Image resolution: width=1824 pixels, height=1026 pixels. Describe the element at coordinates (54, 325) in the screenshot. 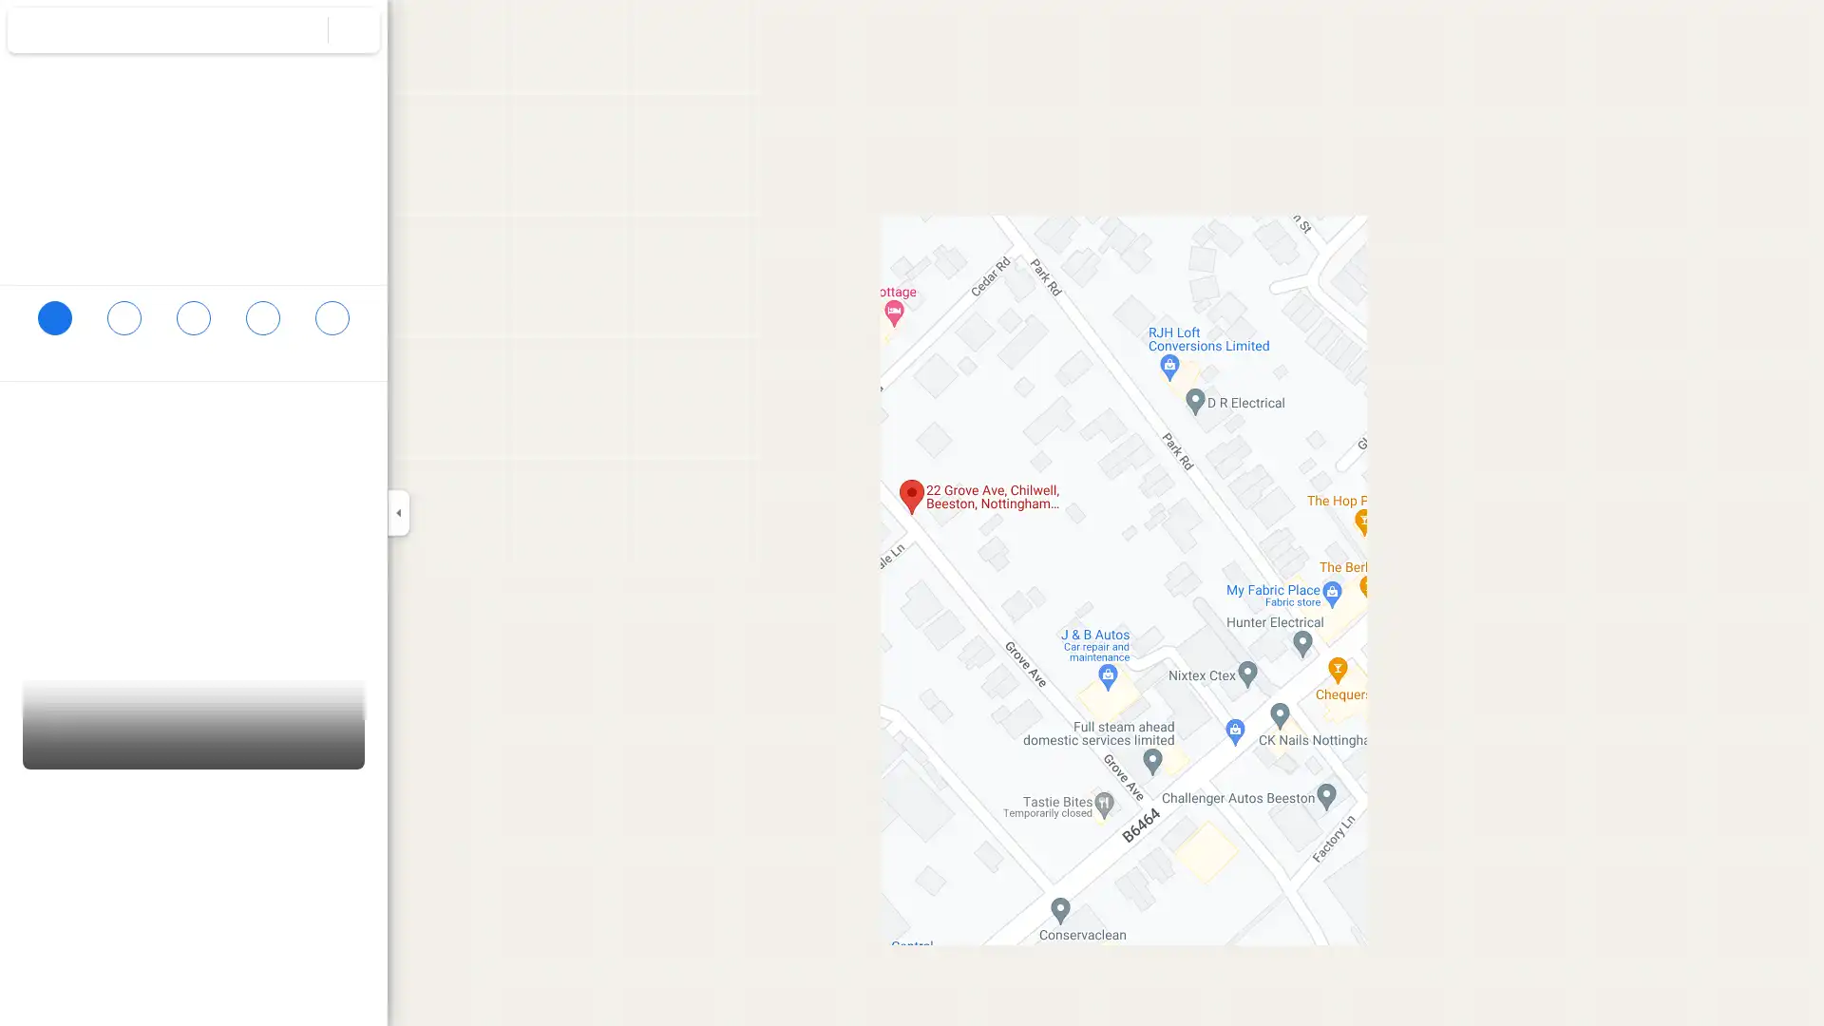

I see `Directions to 22 Grove Ave` at that location.